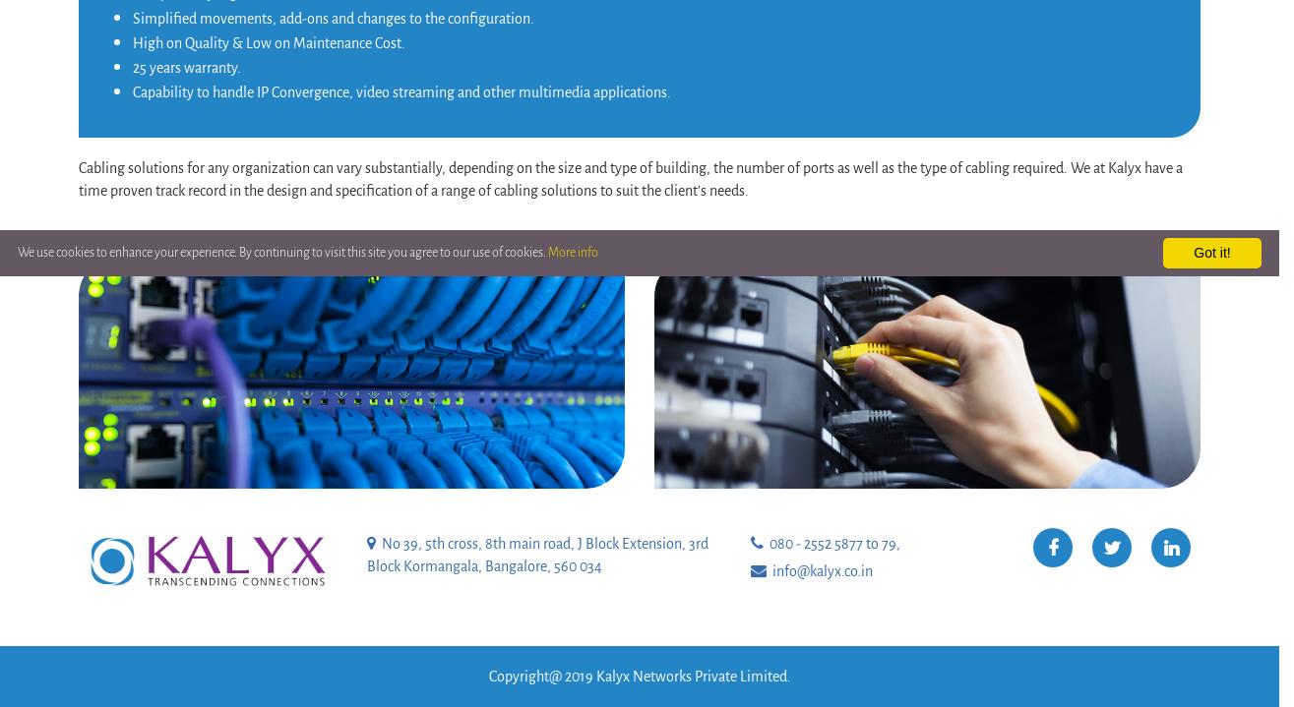  I want to click on 'info@kalyx.co.in', so click(819, 570).